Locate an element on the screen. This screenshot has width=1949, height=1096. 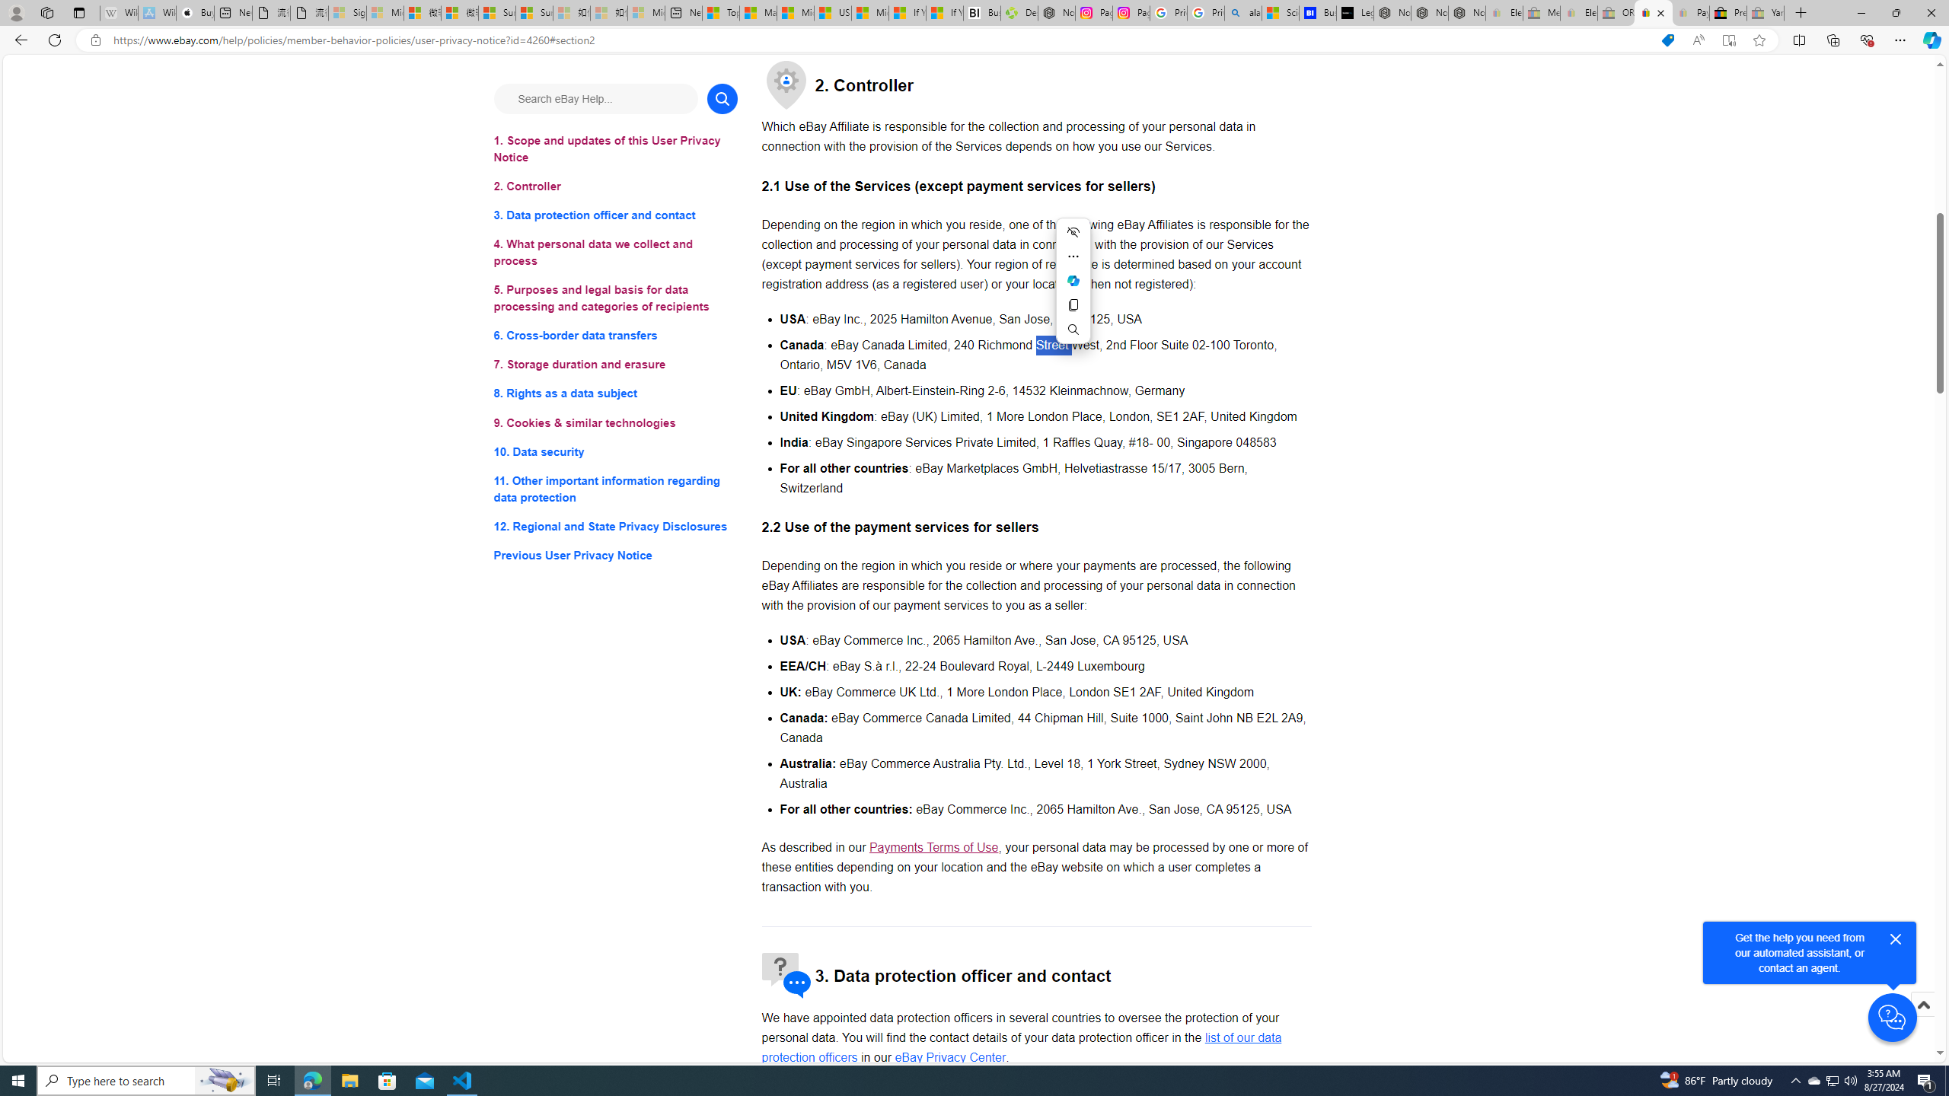
'8. Rights as a data subject' is located at coordinates (614, 393).